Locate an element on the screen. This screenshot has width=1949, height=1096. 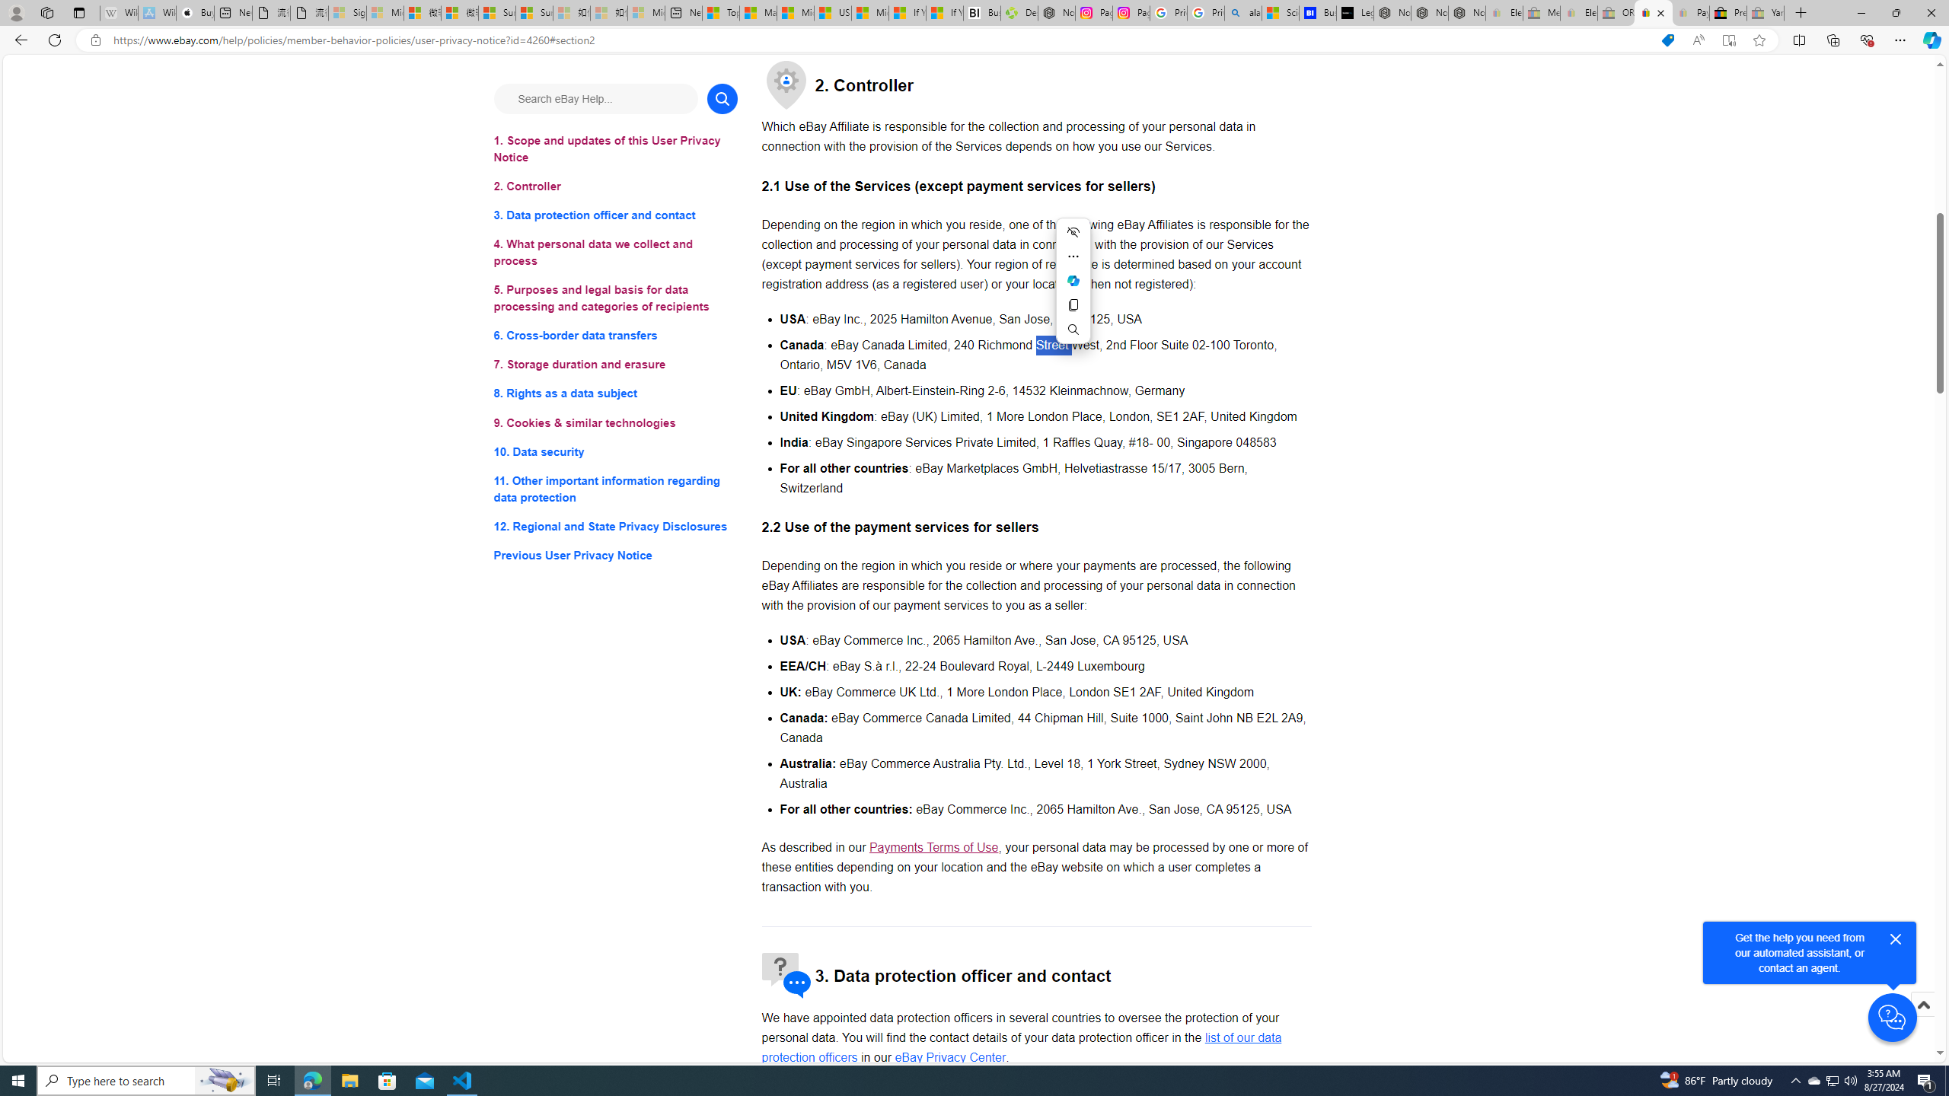
'8. Rights as a data subject' is located at coordinates (614, 393).